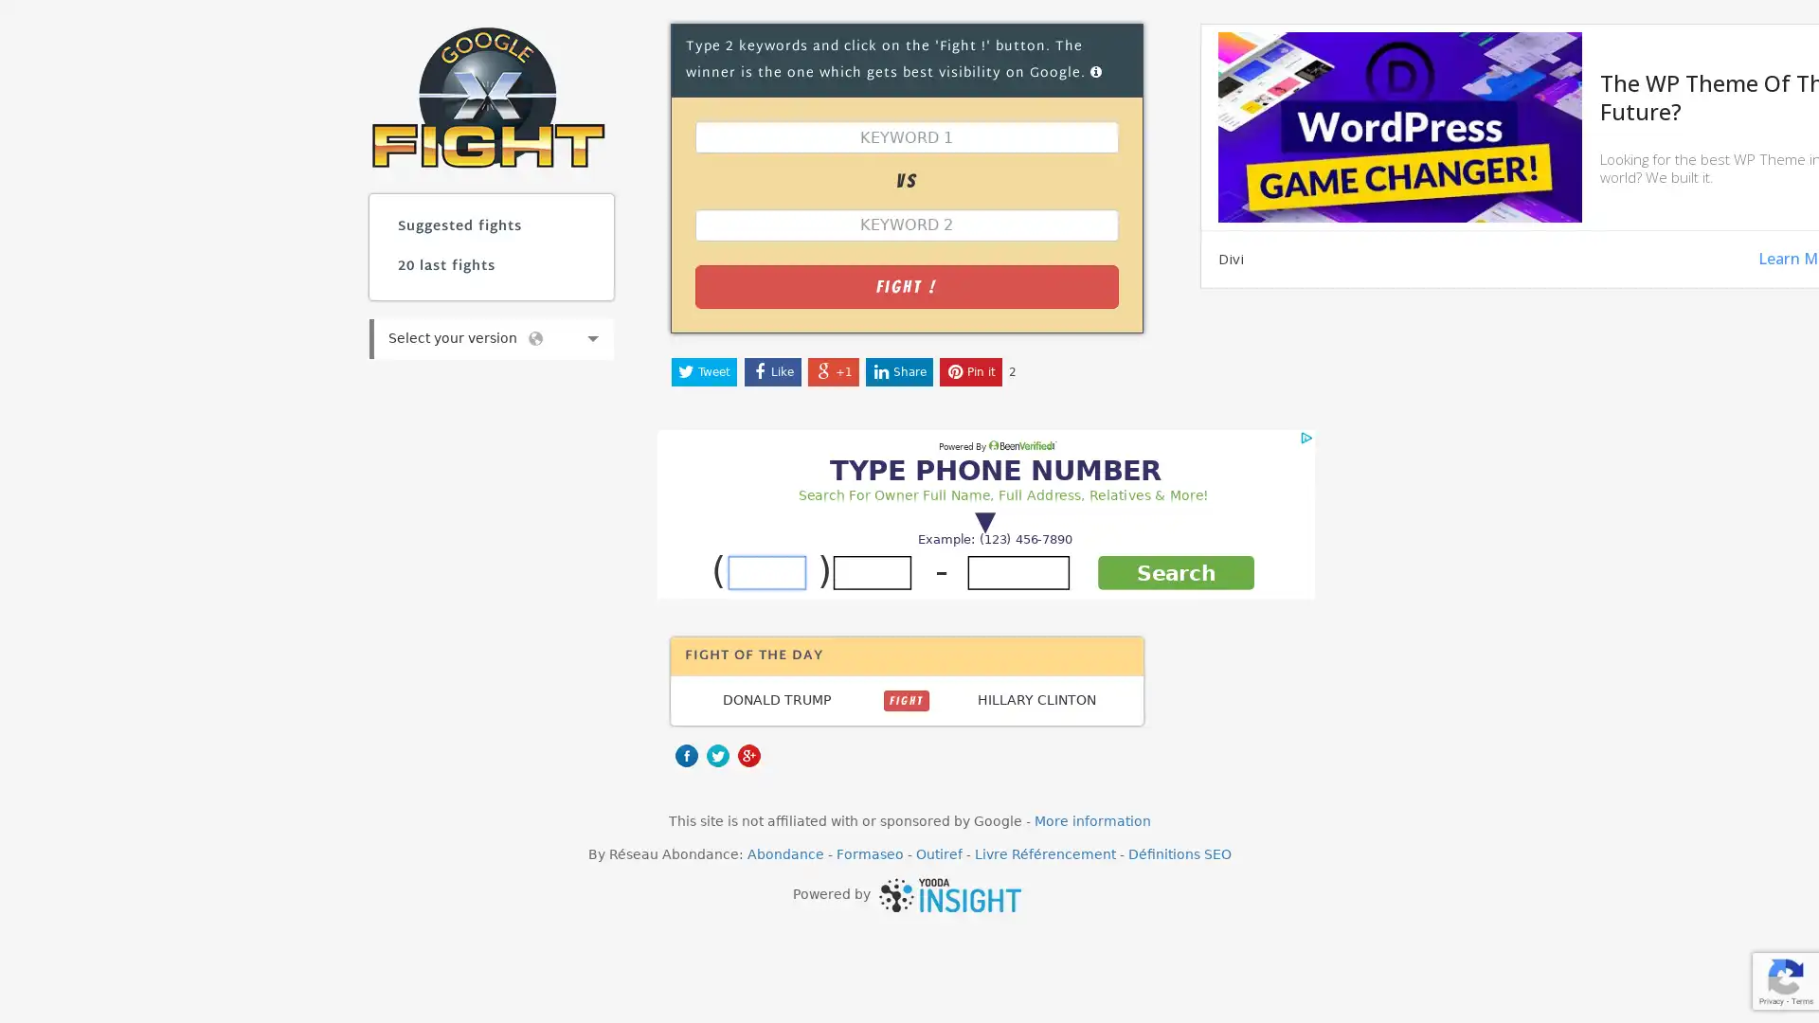  Describe the element at coordinates (905, 700) in the screenshot. I see `FIGHT` at that location.